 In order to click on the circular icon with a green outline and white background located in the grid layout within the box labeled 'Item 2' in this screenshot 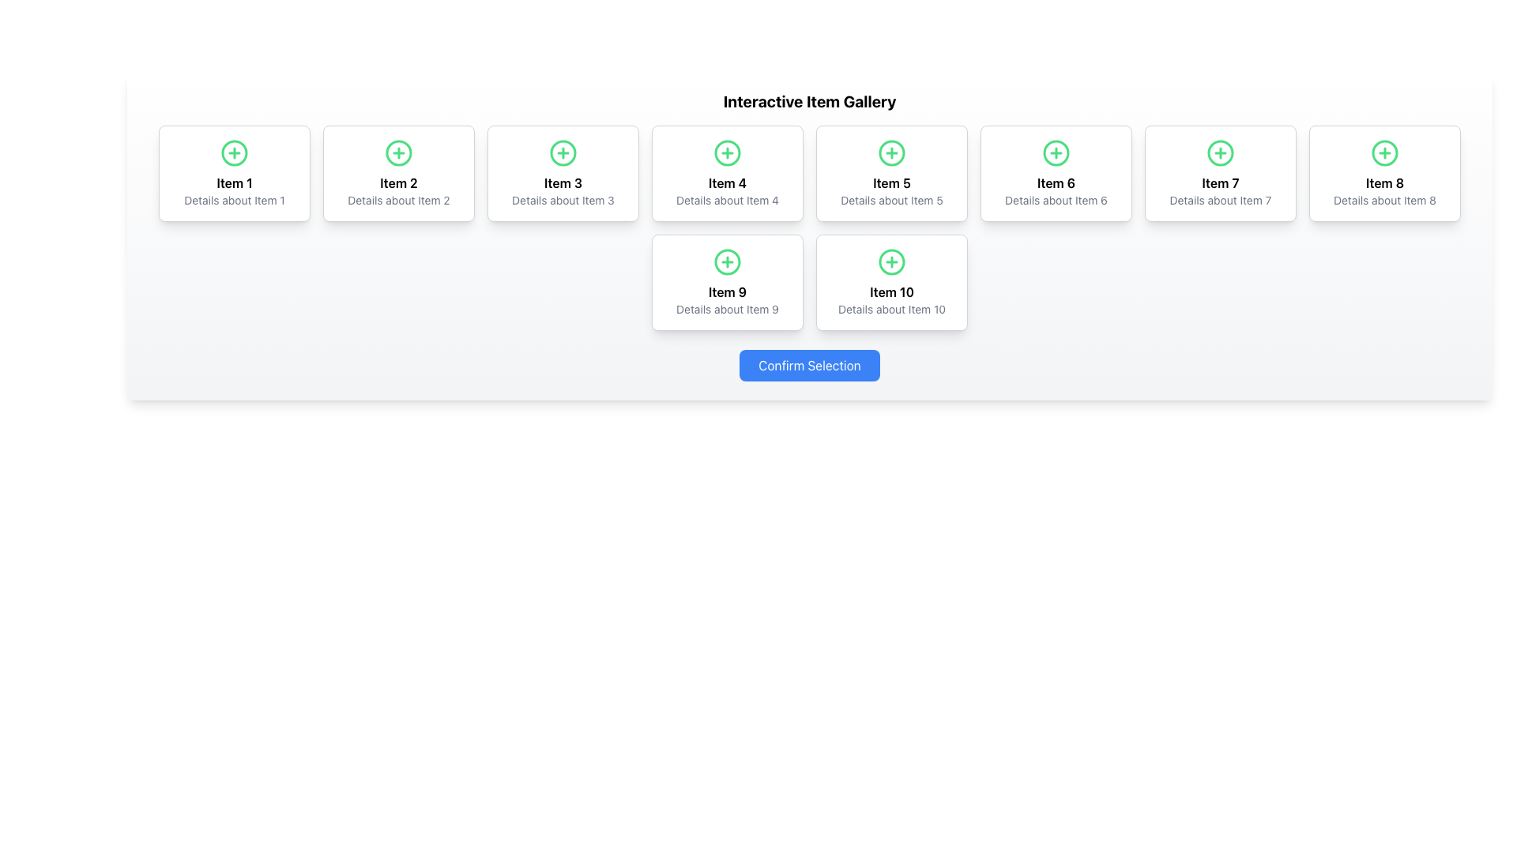, I will do `click(398, 152)`.